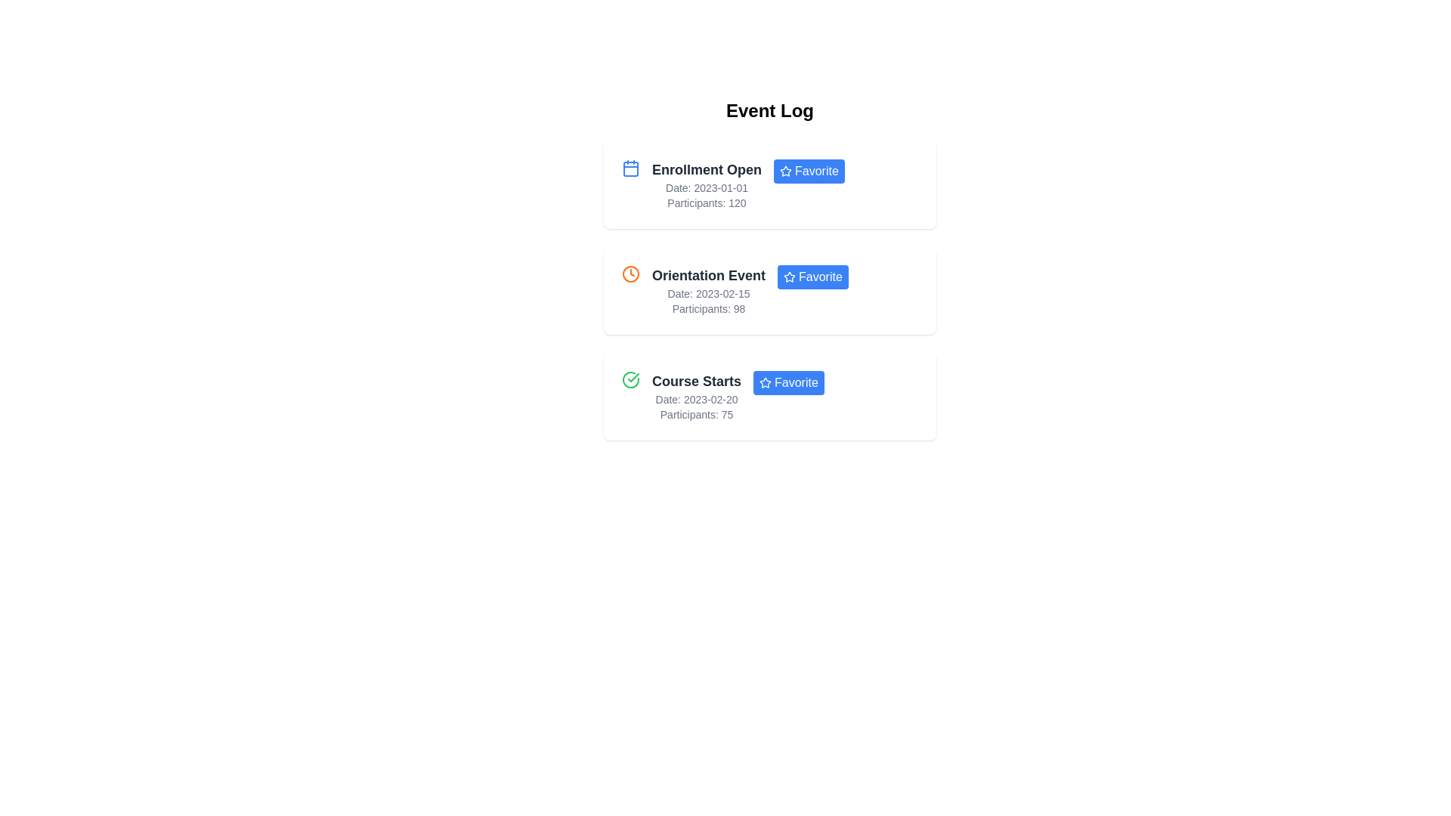 This screenshot has width=1451, height=816. Describe the element at coordinates (765, 382) in the screenshot. I see `the star-shaped icon with a blue outline to mark the related event as favorite` at that location.